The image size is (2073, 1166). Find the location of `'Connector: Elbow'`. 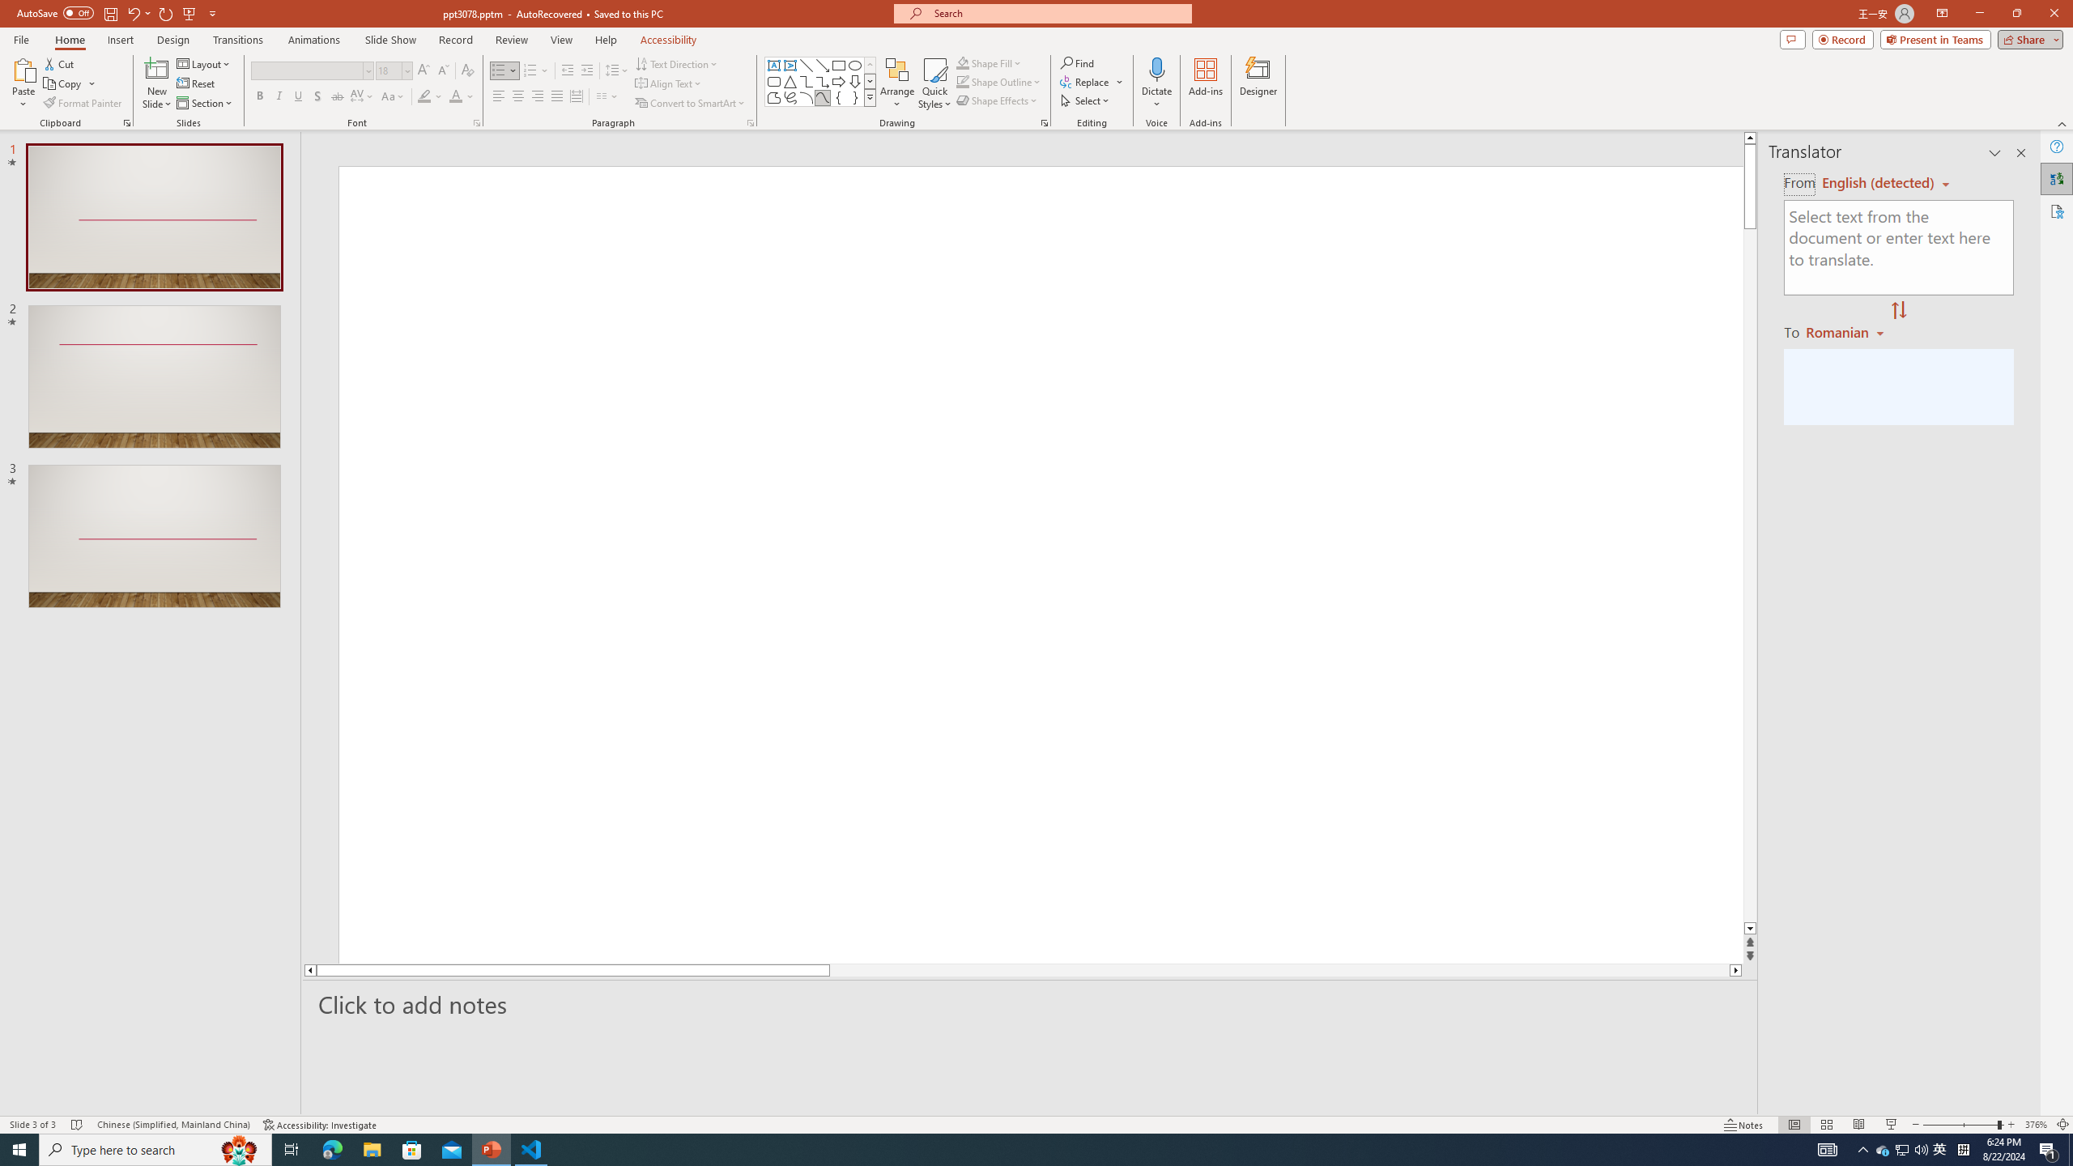

'Connector: Elbow' is located at coordinates (805, 80).